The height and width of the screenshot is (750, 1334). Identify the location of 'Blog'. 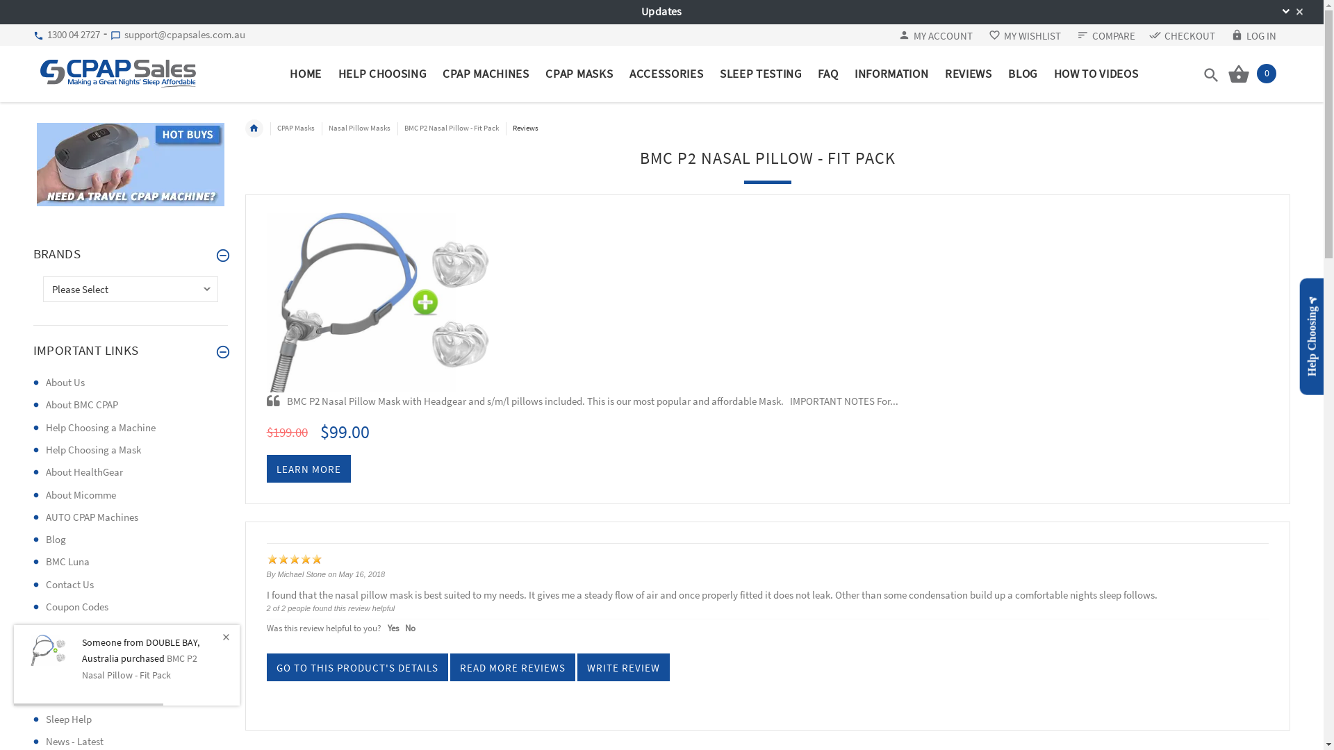
(56, 538).